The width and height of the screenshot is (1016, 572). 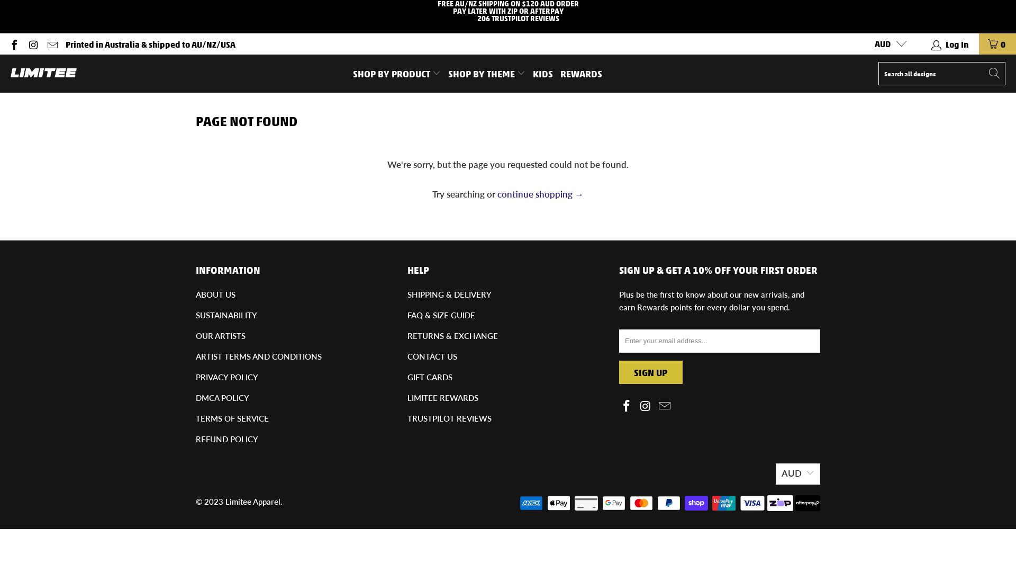 What do you see at coordinates (231, 418) in the screenshot?
I see `'TERMS OF SERVICE'` at bounding box center [231, 418].